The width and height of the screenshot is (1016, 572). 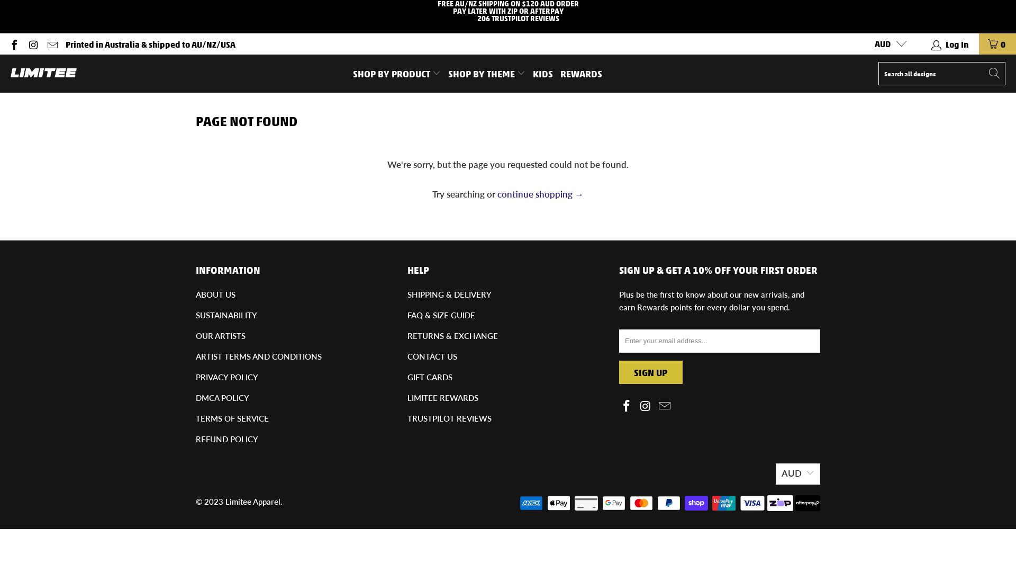 What do you see at coordinates (231, 418) in the screenshot?
I see `'TERMS OF SERVICE'` at bounding box center [231, 418].